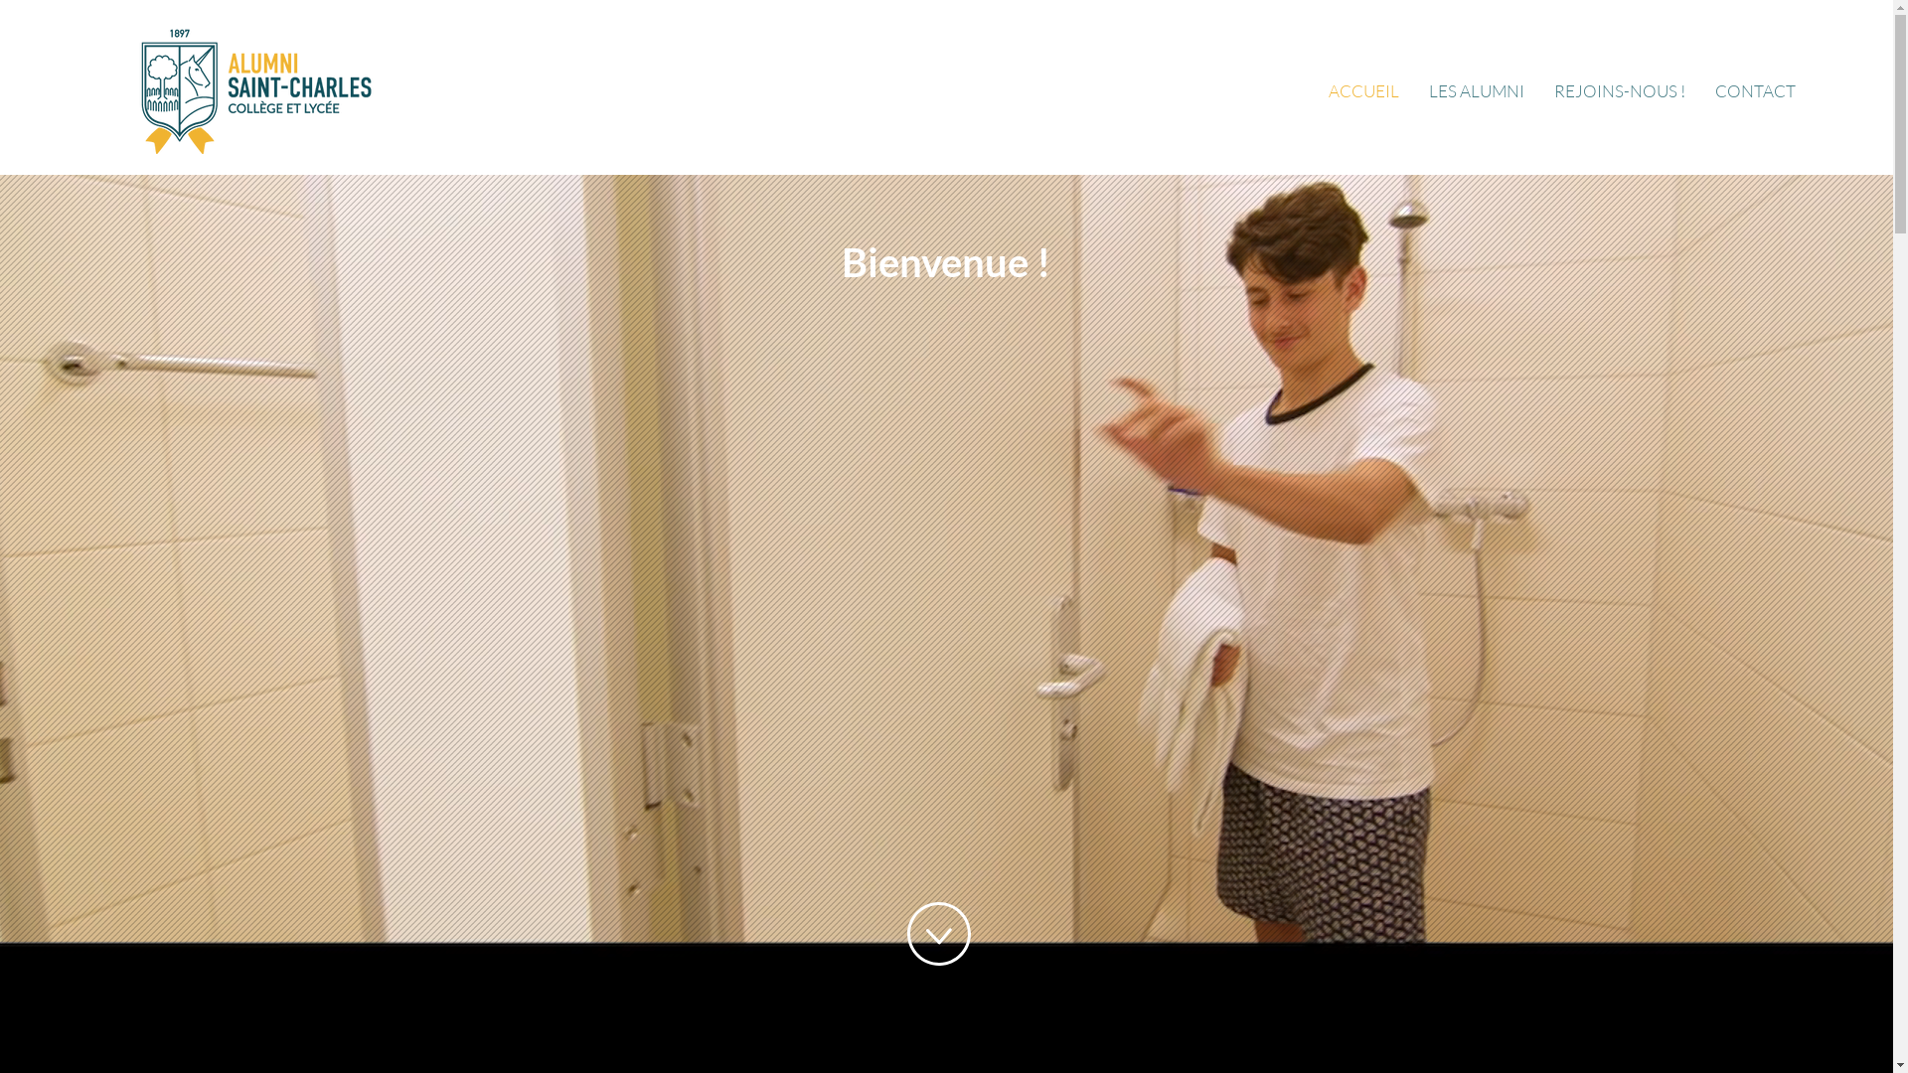  Describe the element at coordinates (1620, 91) in the screenshot. I see `'REJOINS-NOUS !'` at that location.